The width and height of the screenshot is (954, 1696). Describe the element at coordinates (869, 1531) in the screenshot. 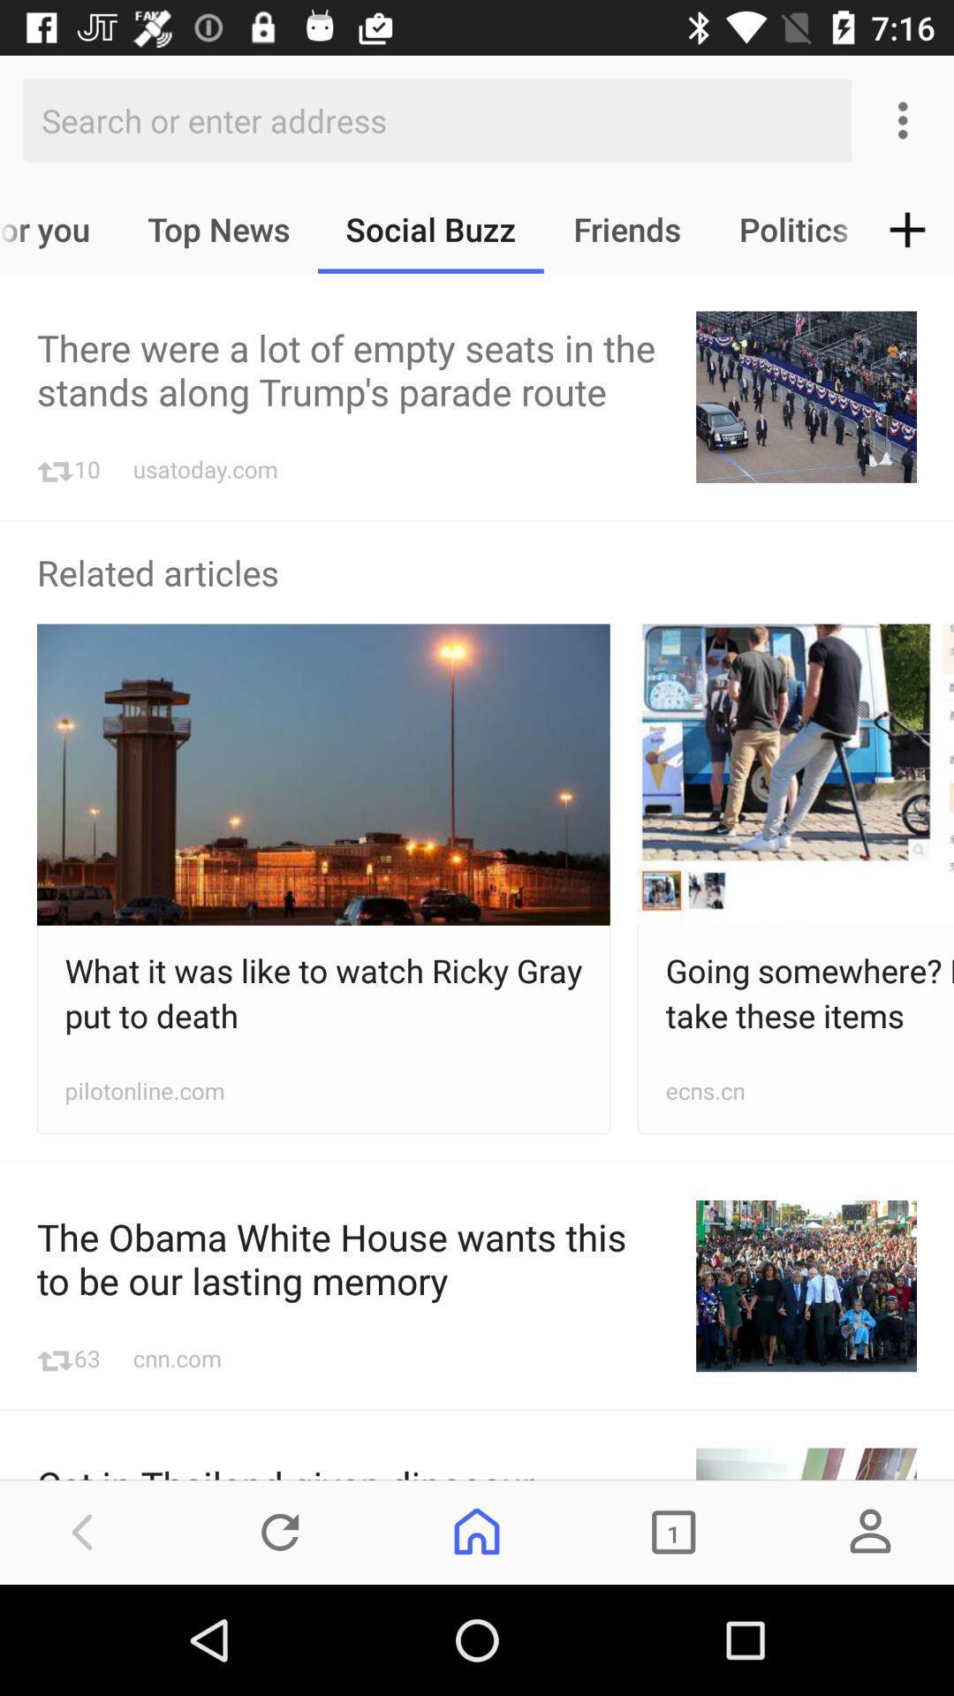

I see `the avatar icon` at that location.